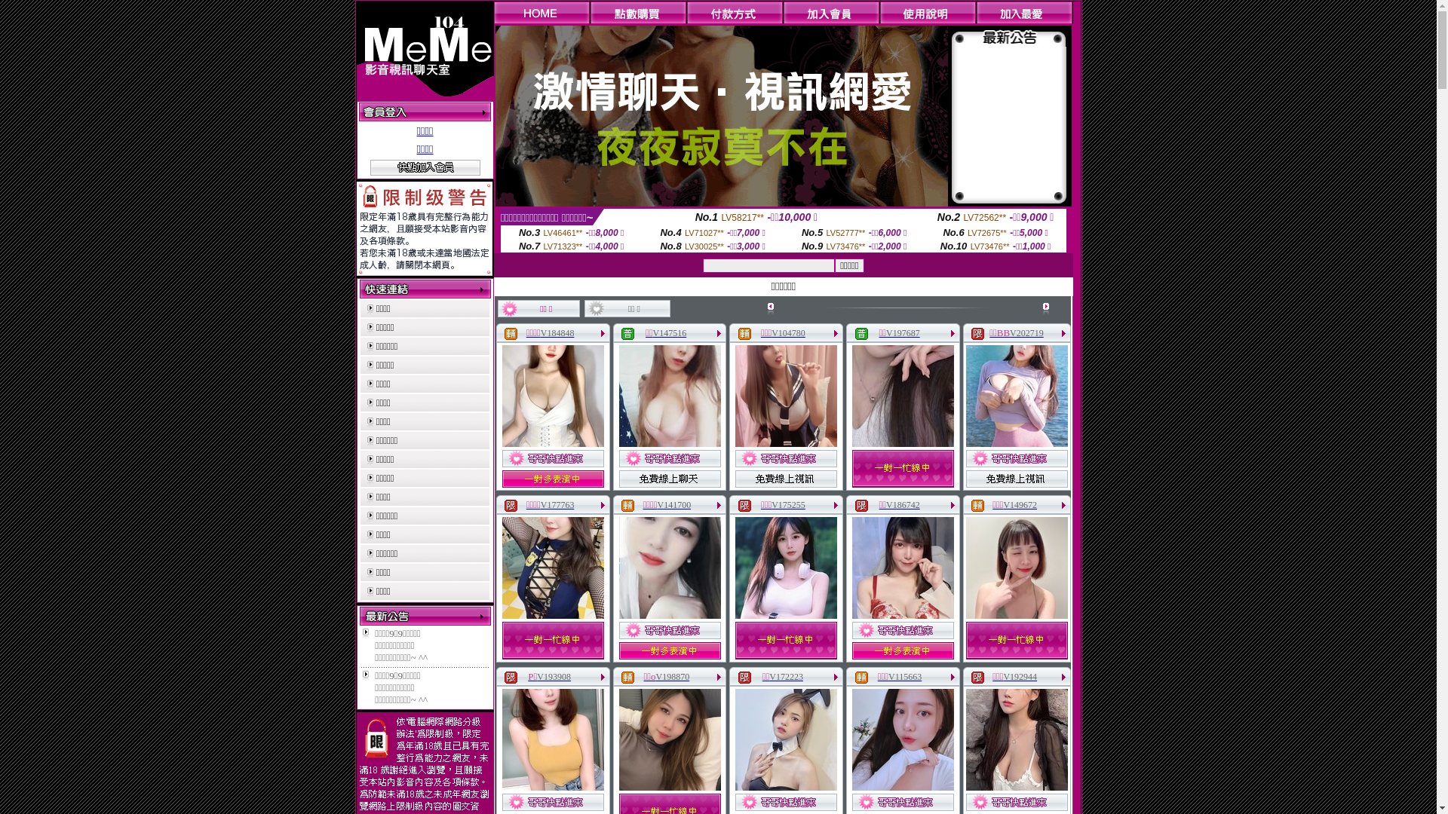 This screenshot has width=1448, height=814. What do you see at coordinates (672, 676) in the screenshot?
I see `'V198870'` at bounding box center [672, 676].